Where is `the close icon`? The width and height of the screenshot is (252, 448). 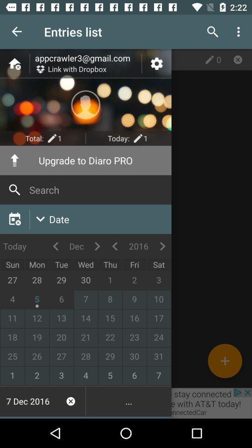 the close icon is located at coordinates (238, 59).